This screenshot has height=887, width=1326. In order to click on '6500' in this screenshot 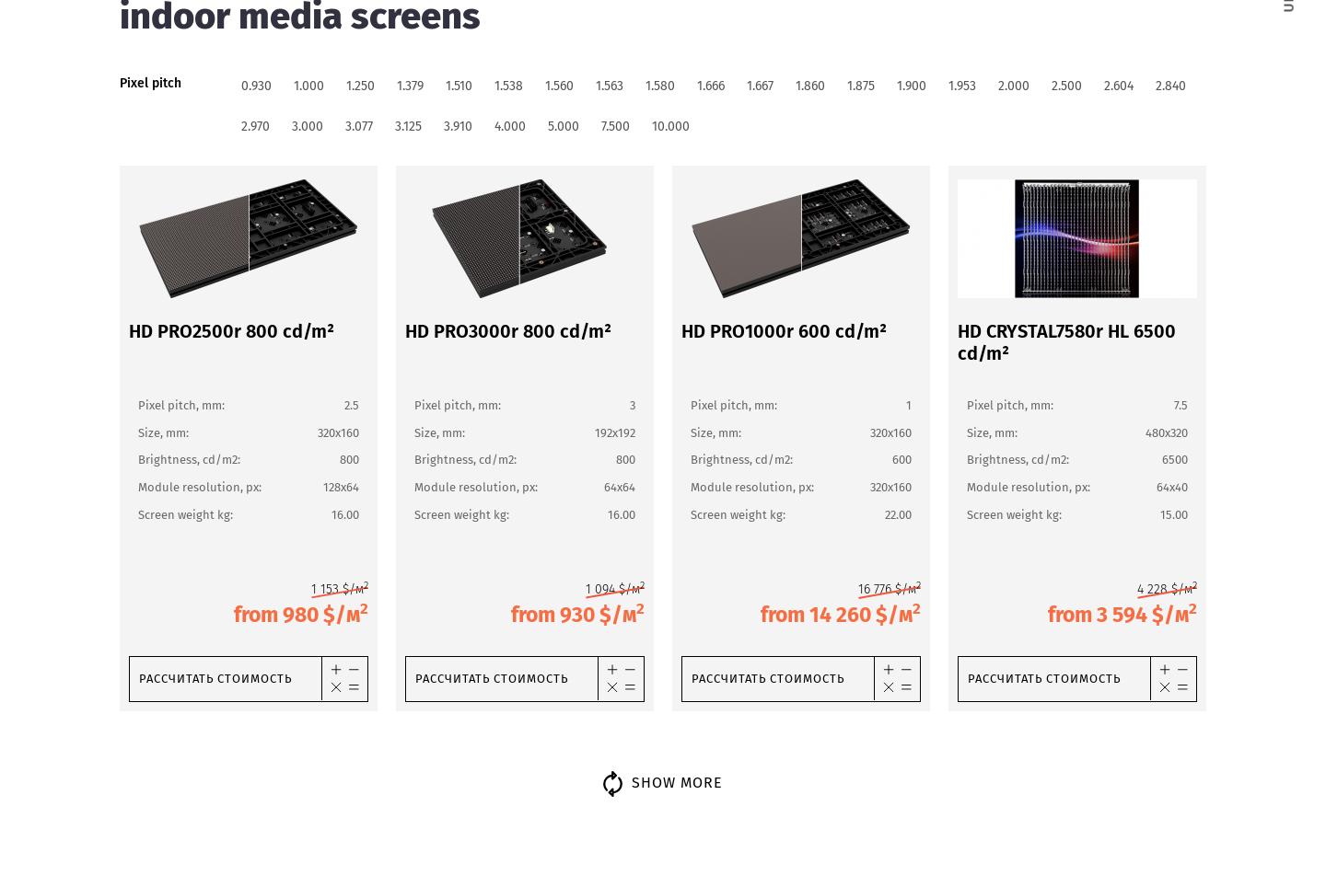, I will do `click(1174, 458)`.